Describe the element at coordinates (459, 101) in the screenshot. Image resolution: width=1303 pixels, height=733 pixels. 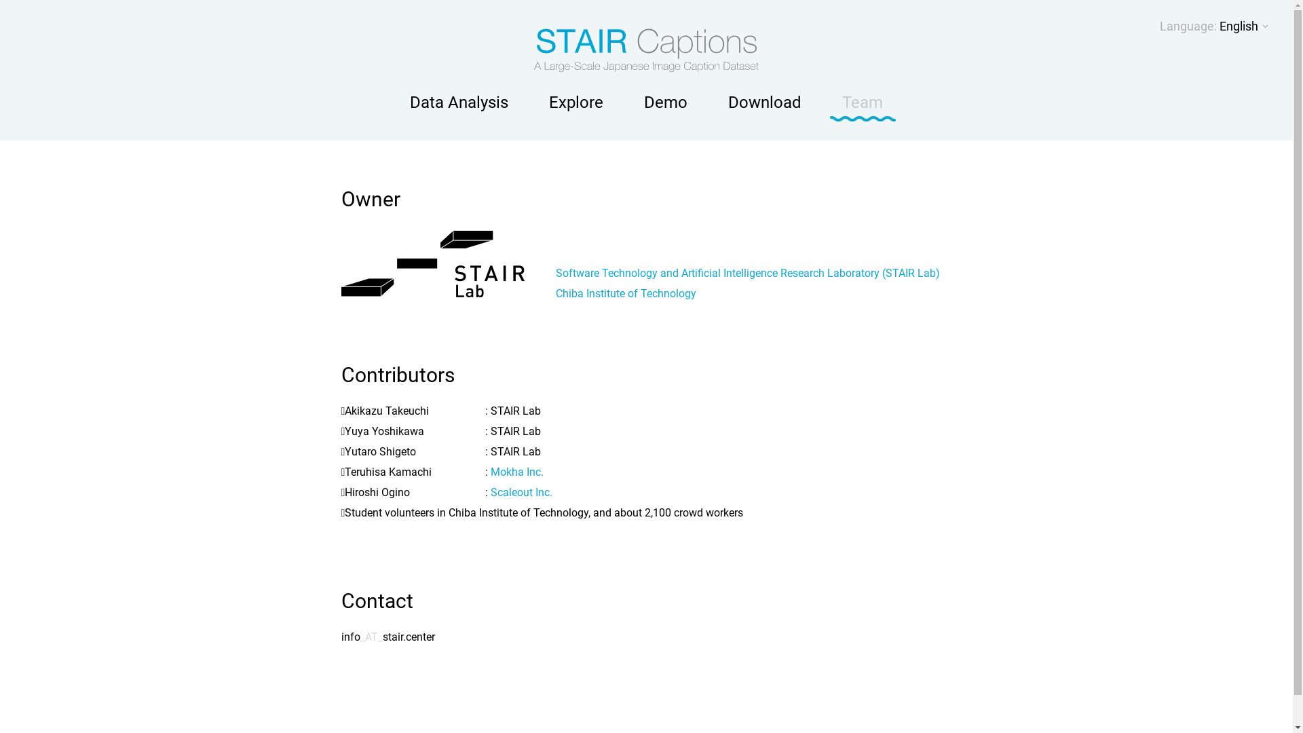
I see `'Data Analysis'` at that location.